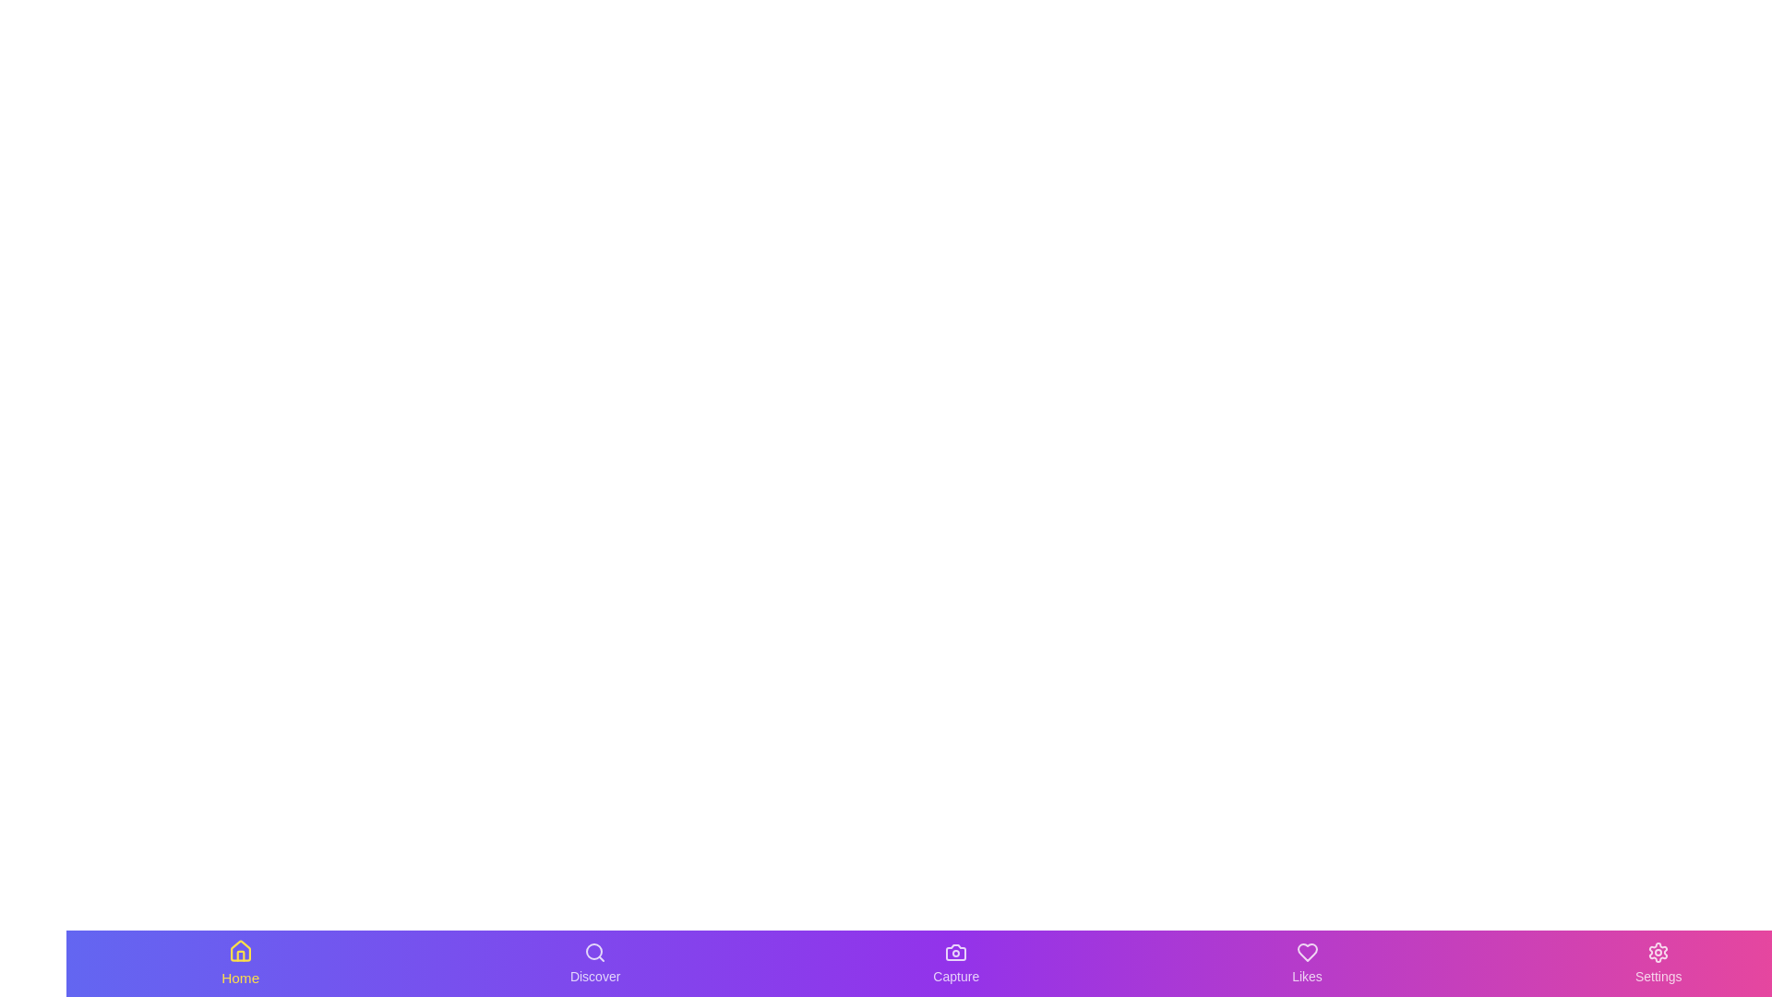 This screenshot has height=997, width=1772. I want to click on the tab labeled Discover, so click(594, 963).